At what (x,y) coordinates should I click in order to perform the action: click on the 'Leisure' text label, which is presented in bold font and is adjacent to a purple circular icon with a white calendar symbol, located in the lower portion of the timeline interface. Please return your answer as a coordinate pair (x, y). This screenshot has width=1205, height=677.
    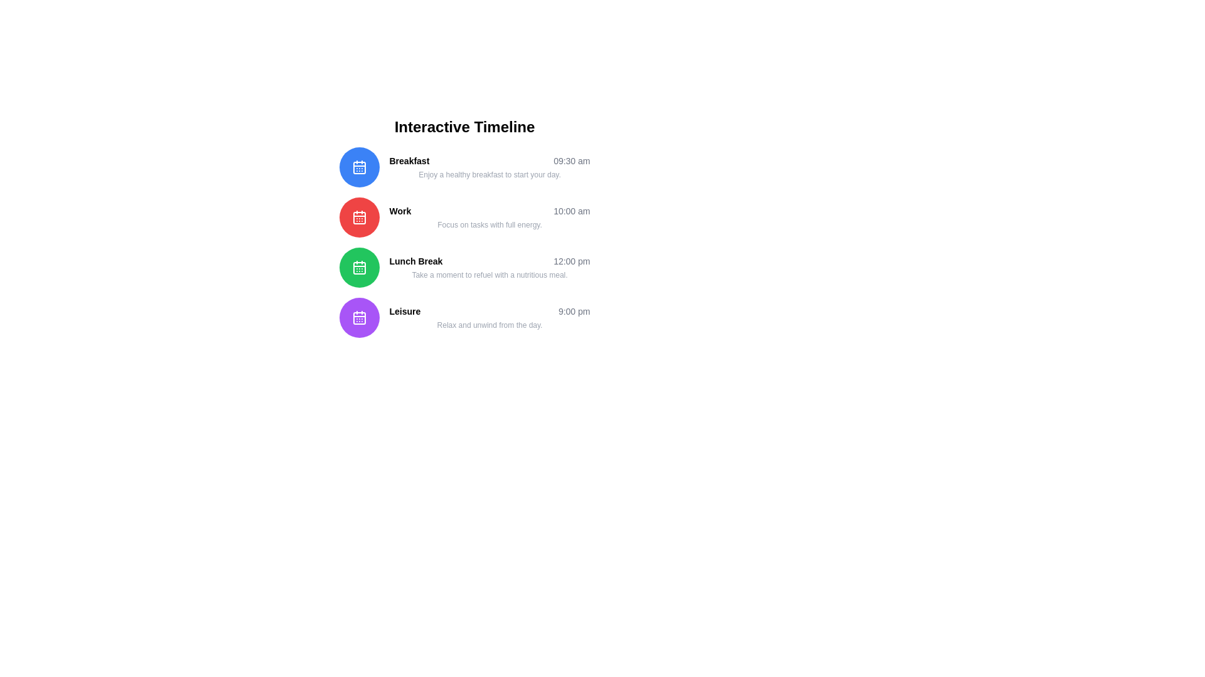
    Looking at the image, I should click on (405, 311).